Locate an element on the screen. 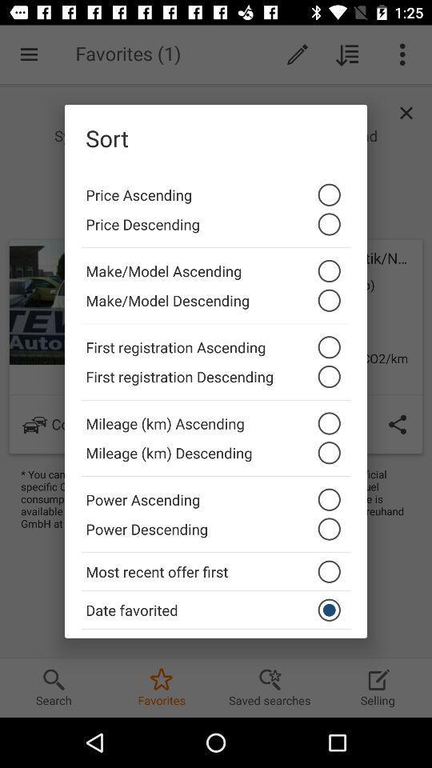 The width and height of the screenshot is (432, 768). the power descending is located at coordinates (216, 533).